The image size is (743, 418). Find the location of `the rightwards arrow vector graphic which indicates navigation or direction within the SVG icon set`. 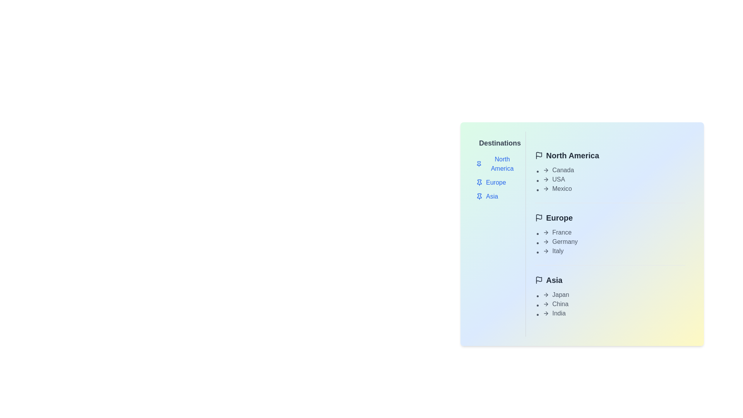

the rightwards arrow vector graphic which indicates navigation or direction within the SVG icon set is located at coordinates (546, 313).